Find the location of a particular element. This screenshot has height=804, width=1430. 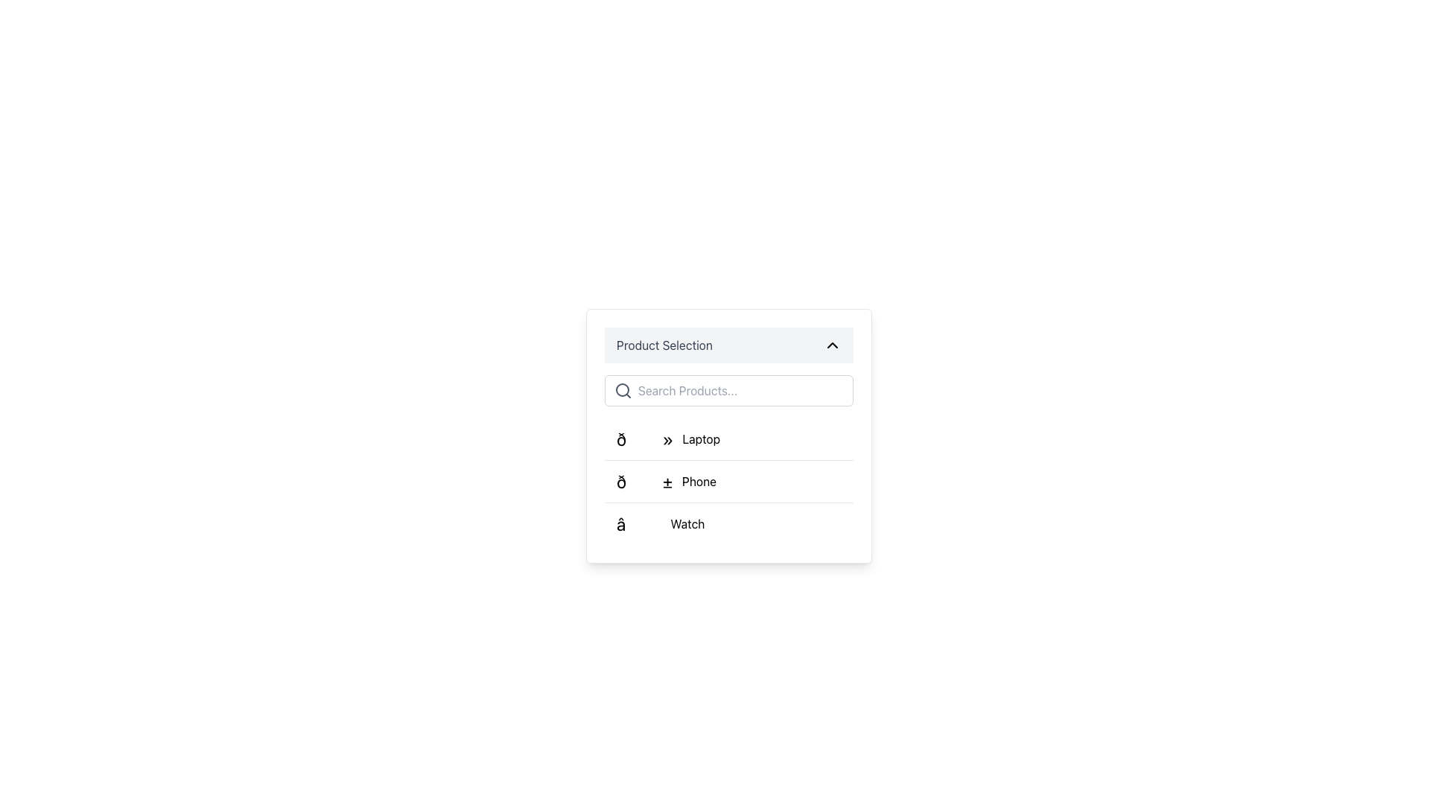

the text label identifying the item 'Laptop' within the product selection options, located under the 'Product Selection' header is located at coordinates (700, 438).